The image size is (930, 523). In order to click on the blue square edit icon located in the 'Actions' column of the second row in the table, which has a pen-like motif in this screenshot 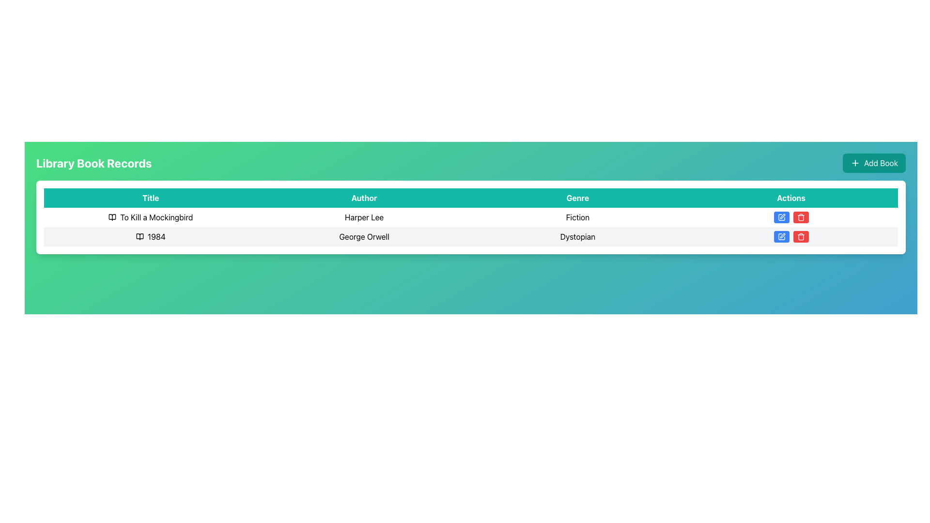, I will do `click(781, 216)`.